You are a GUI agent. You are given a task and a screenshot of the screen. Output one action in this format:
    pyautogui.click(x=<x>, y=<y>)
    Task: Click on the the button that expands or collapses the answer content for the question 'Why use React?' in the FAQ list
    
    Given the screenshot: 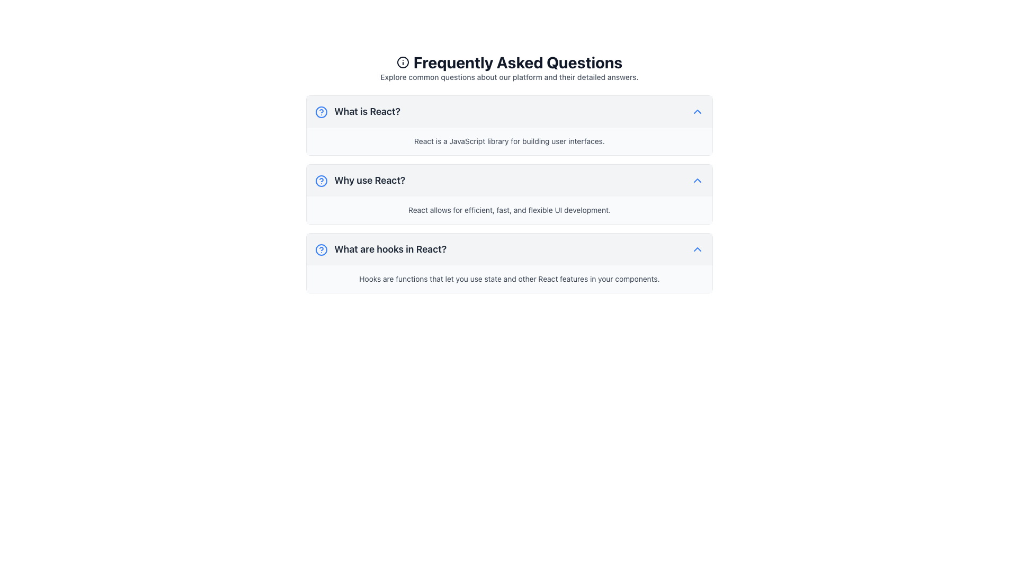 What is the action you would take?
    pyautogui.click(x=509, y=180)
    